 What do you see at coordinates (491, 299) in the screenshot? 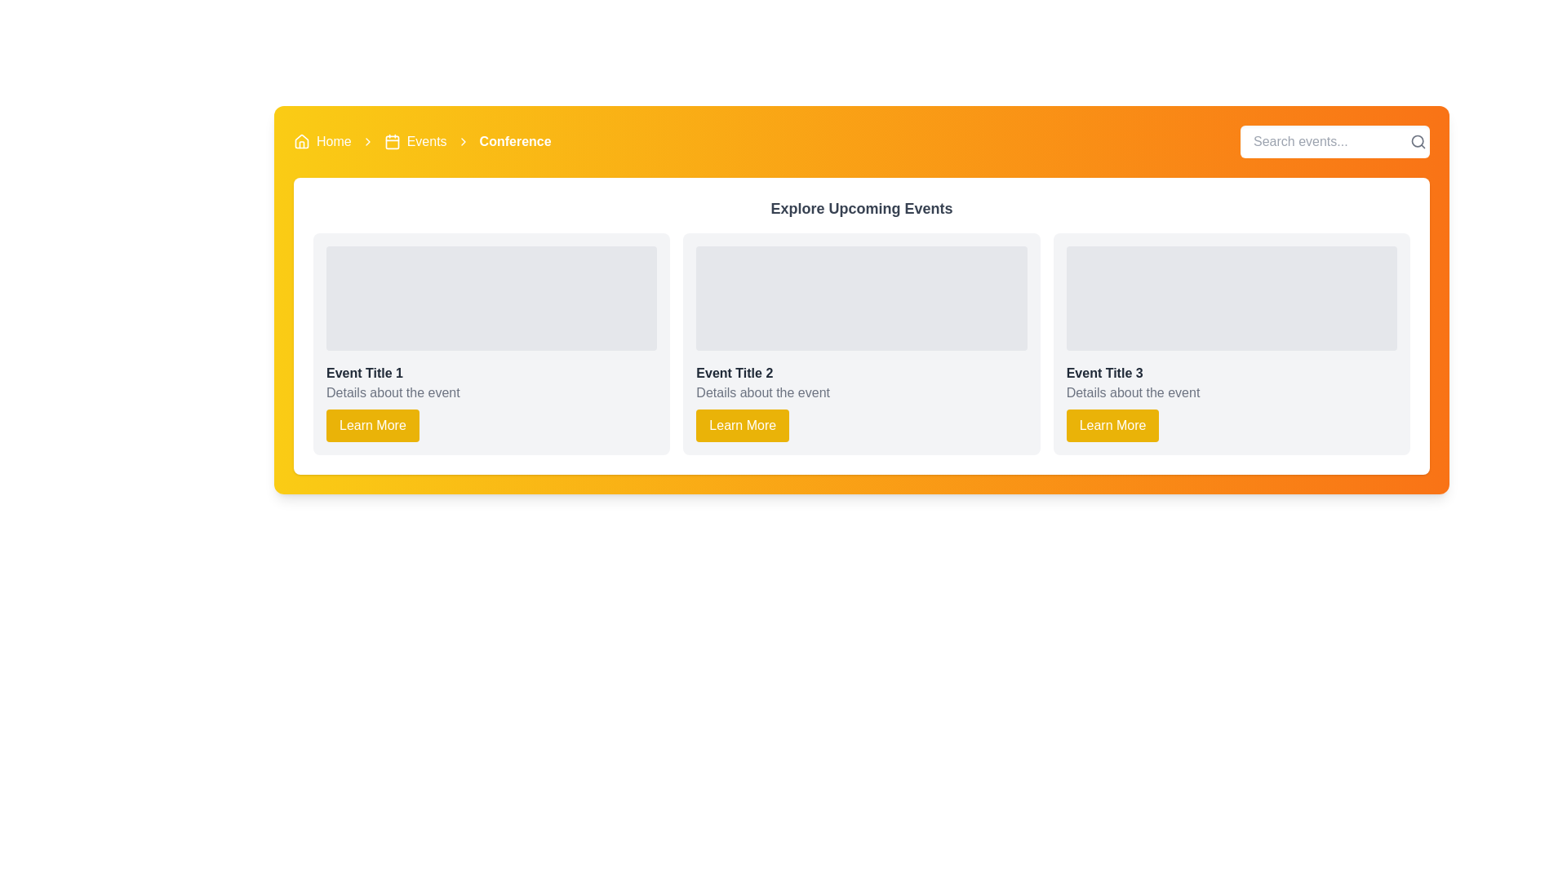
I see `the light gray rectangular placeholder with rounded corners located above 'Event Title 1' and the 'Learn More' button in the leftmost event card` at bounding box center [491, 299].